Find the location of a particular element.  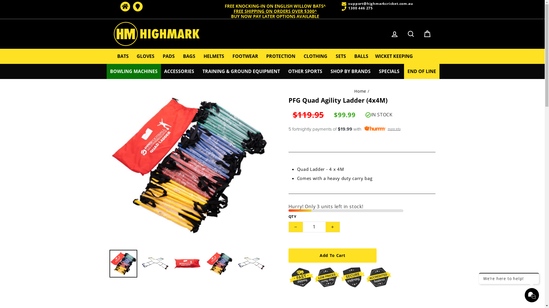

'Skip to content' is located at coordinates (0, 0).